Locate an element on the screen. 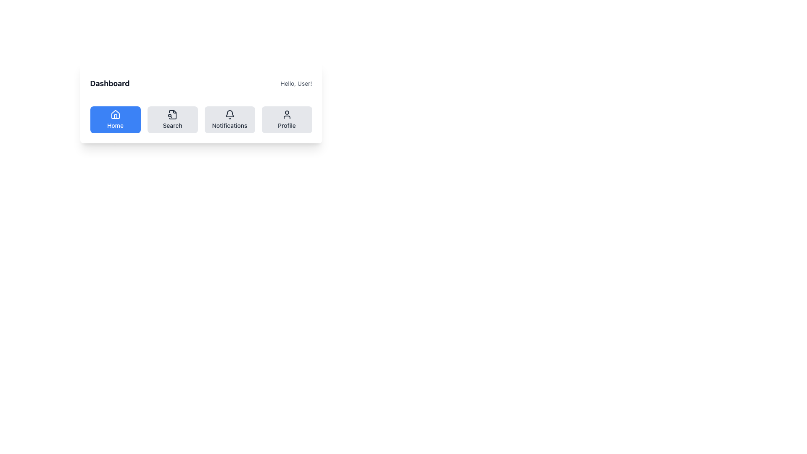 The image size is (807, 454). the Text Label that greets the user, displayed to the far right of the navigation bar, next to 'Dashboard' is located at coordinates (296, 84).